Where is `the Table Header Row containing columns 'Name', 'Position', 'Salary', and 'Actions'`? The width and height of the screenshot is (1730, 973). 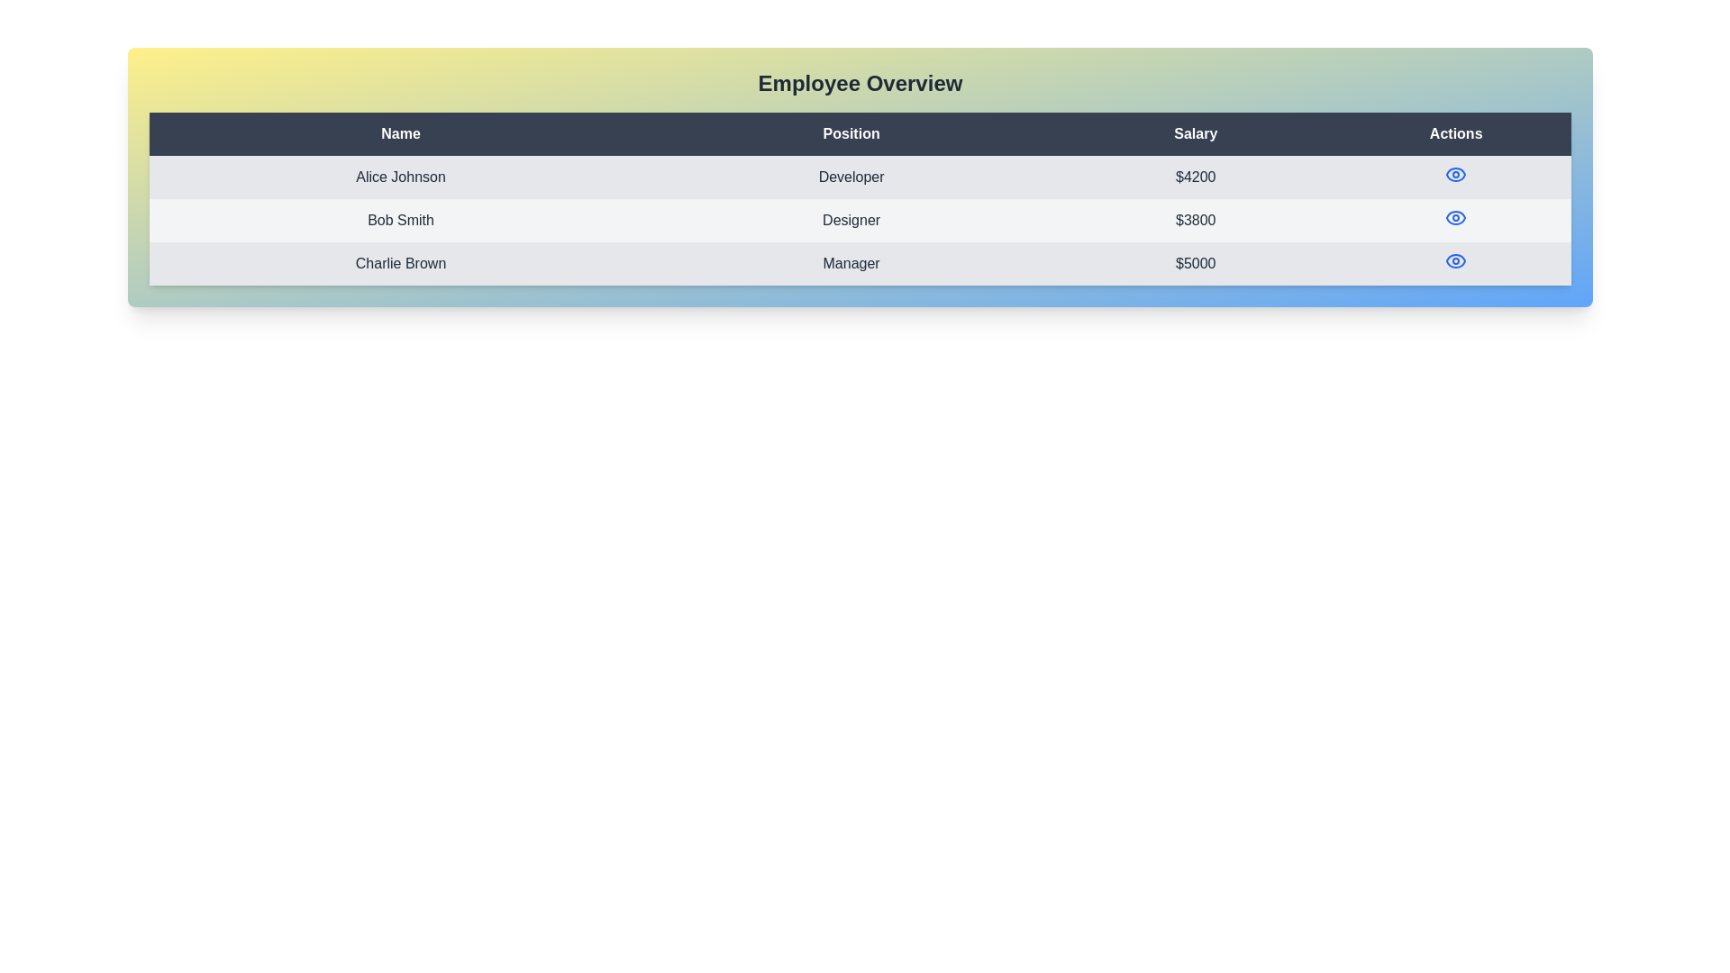
the Table Header Row containing columns 'Name', 'Position', 'Salary', and 'Actions' is located at coordinates (860, 133).